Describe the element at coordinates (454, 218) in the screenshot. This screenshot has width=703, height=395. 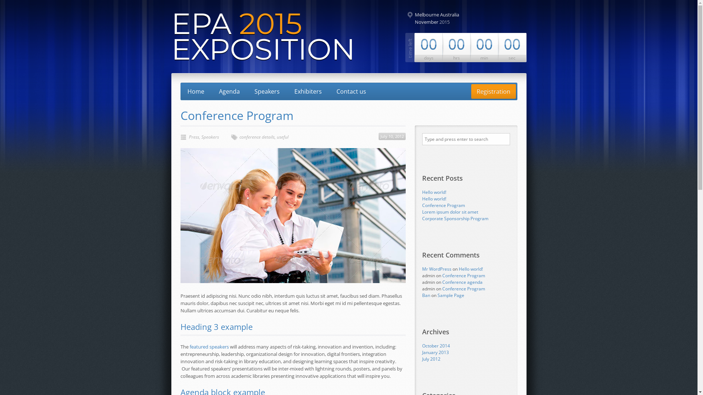
I see `'Corporate Sponsorship Program'` at that location.